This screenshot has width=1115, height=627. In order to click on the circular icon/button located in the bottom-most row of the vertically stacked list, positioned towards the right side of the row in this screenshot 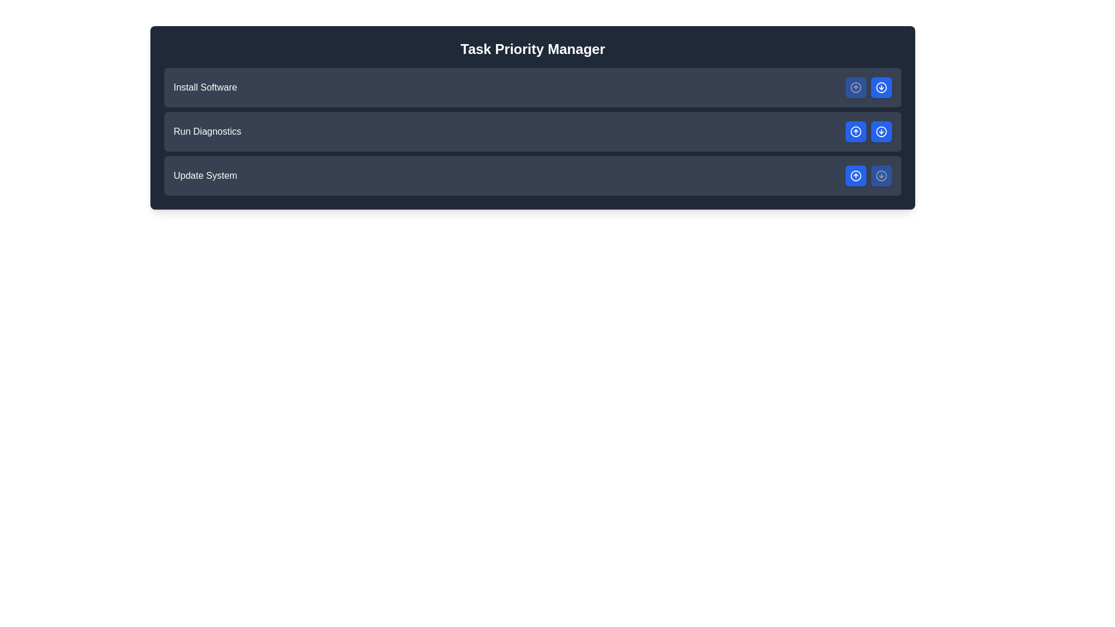, I will do `click(881, 176)`.